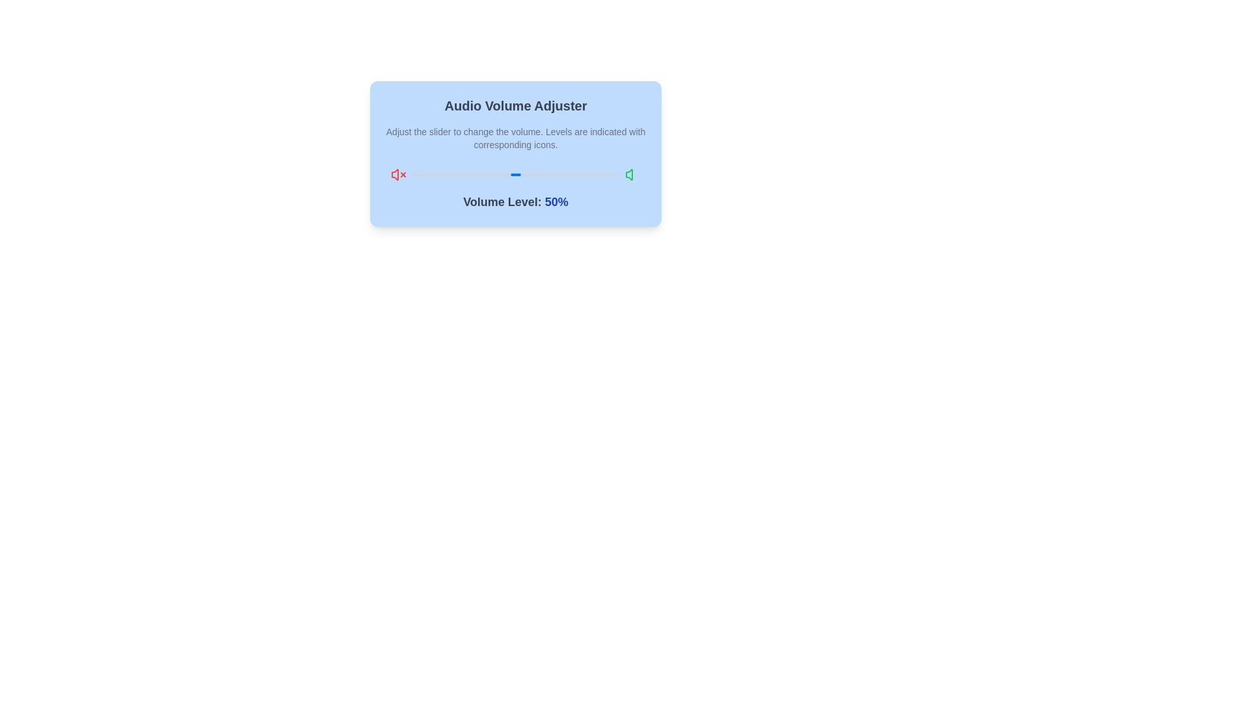 Image resolution: width=1249 pixels, height=702 pixels. I want to click on the slider to set the volume to 93%, so click(604, 174).